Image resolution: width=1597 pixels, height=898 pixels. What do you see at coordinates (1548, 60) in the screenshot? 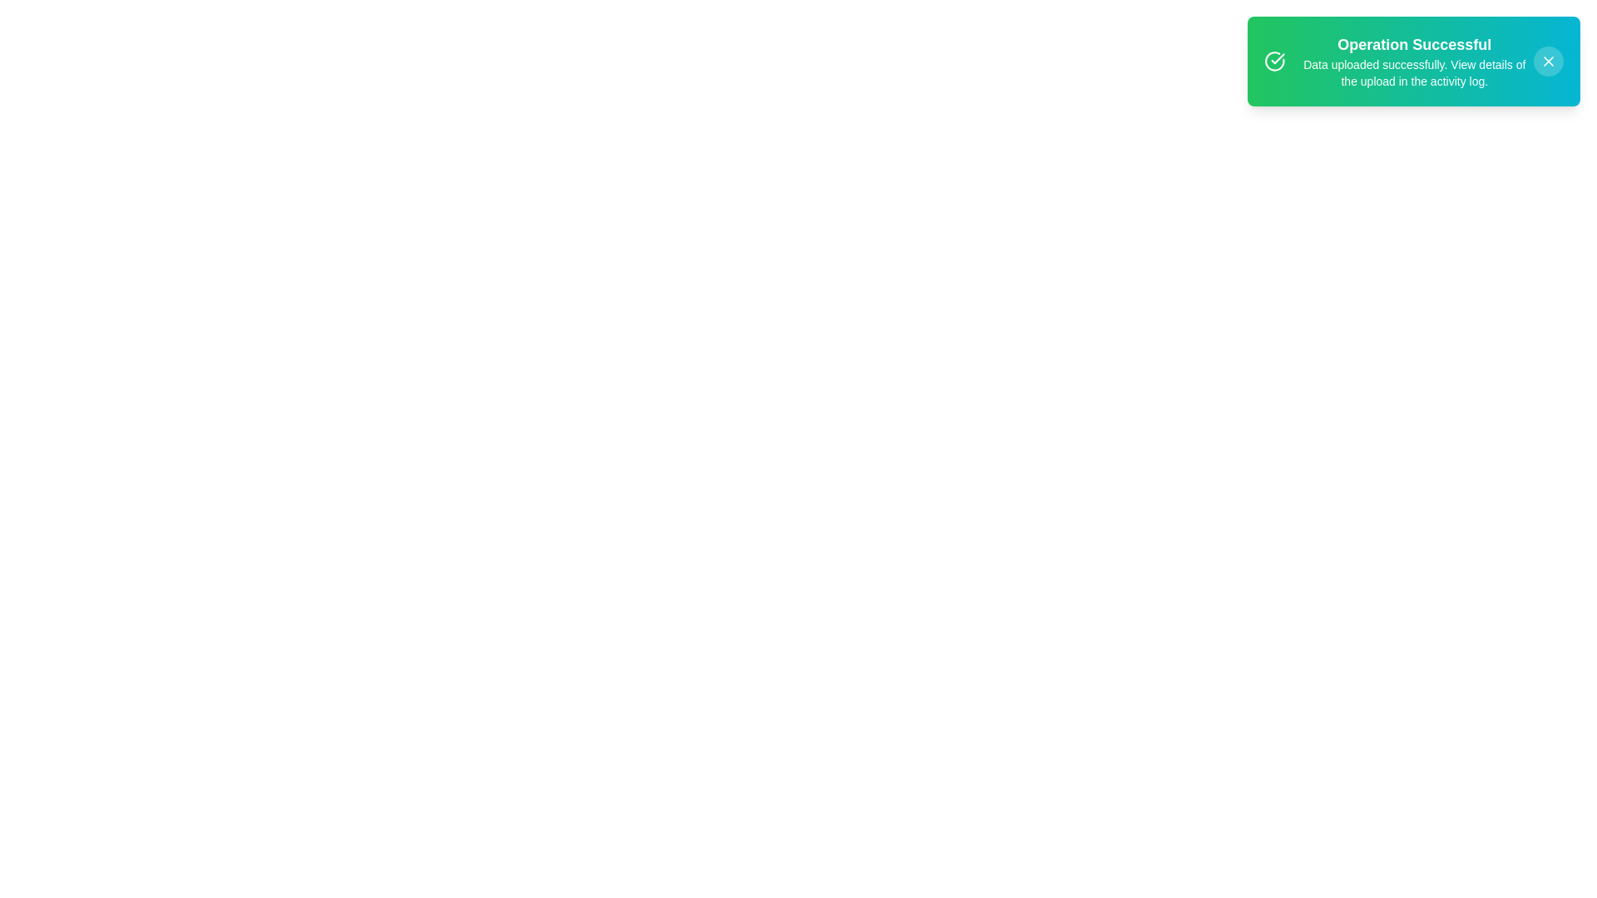
I see `the dismiss button located in the top-right corner of the notification box` at bounding box center [1548, 60].